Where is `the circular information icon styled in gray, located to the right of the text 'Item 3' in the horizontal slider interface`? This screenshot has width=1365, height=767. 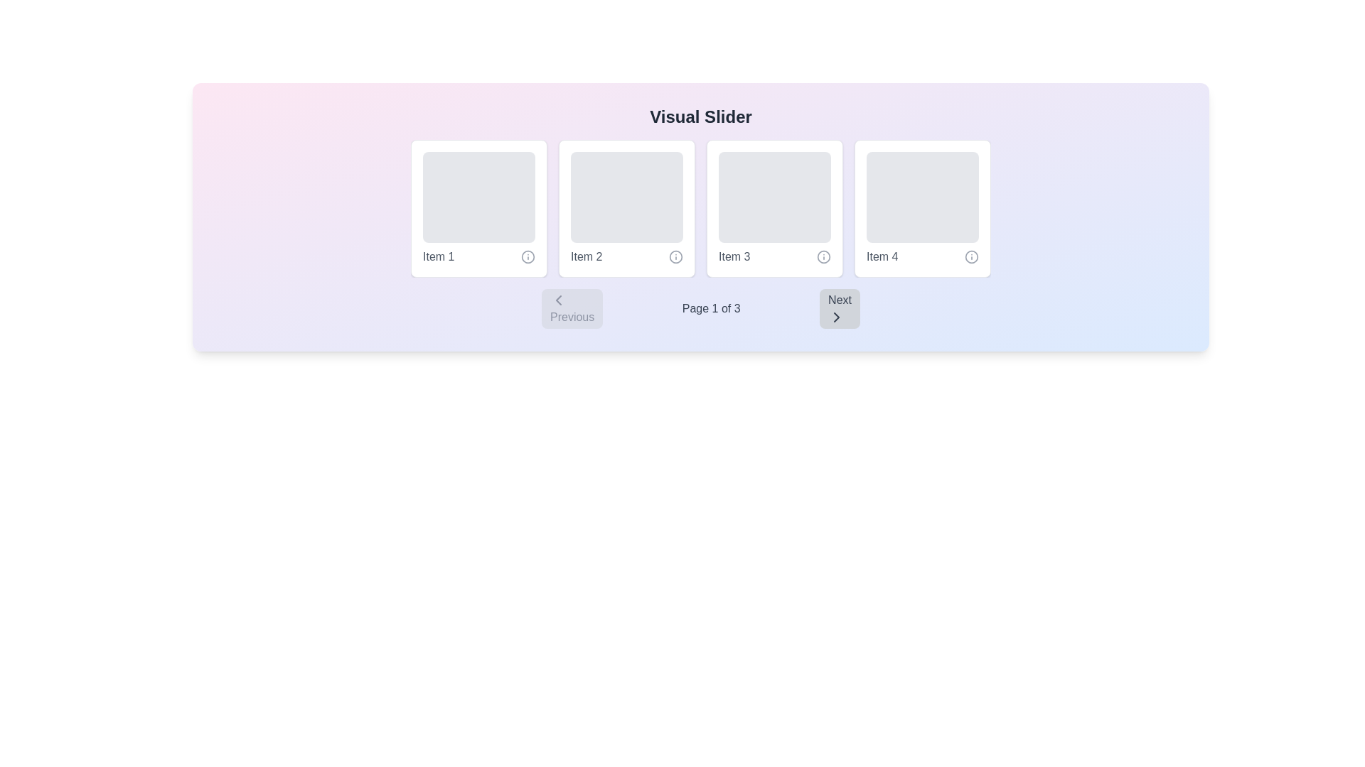
the circular information icon styled in gray, located to the right of the text 'Item 3' in the horizontal slider interface is located at coordinates (823, 257).